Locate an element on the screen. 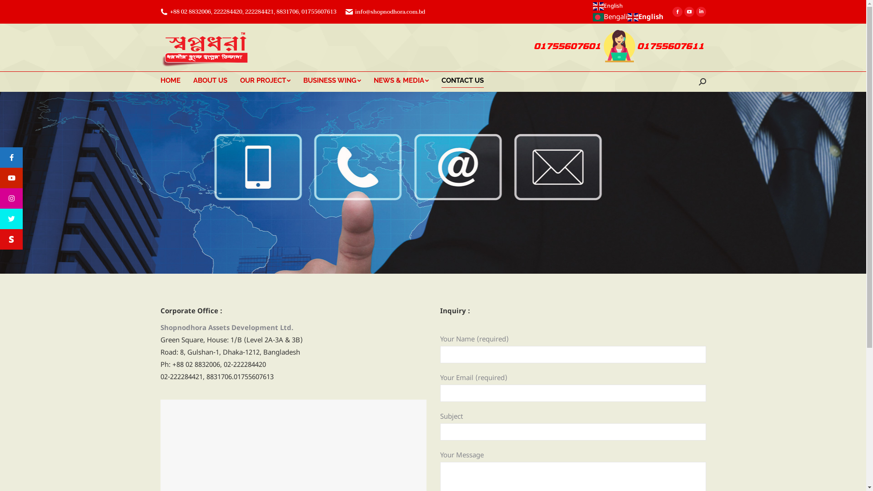 This screenshot has height=491, width=873. 'NEWS & MEDIA' is located at coordinates (407, 80).